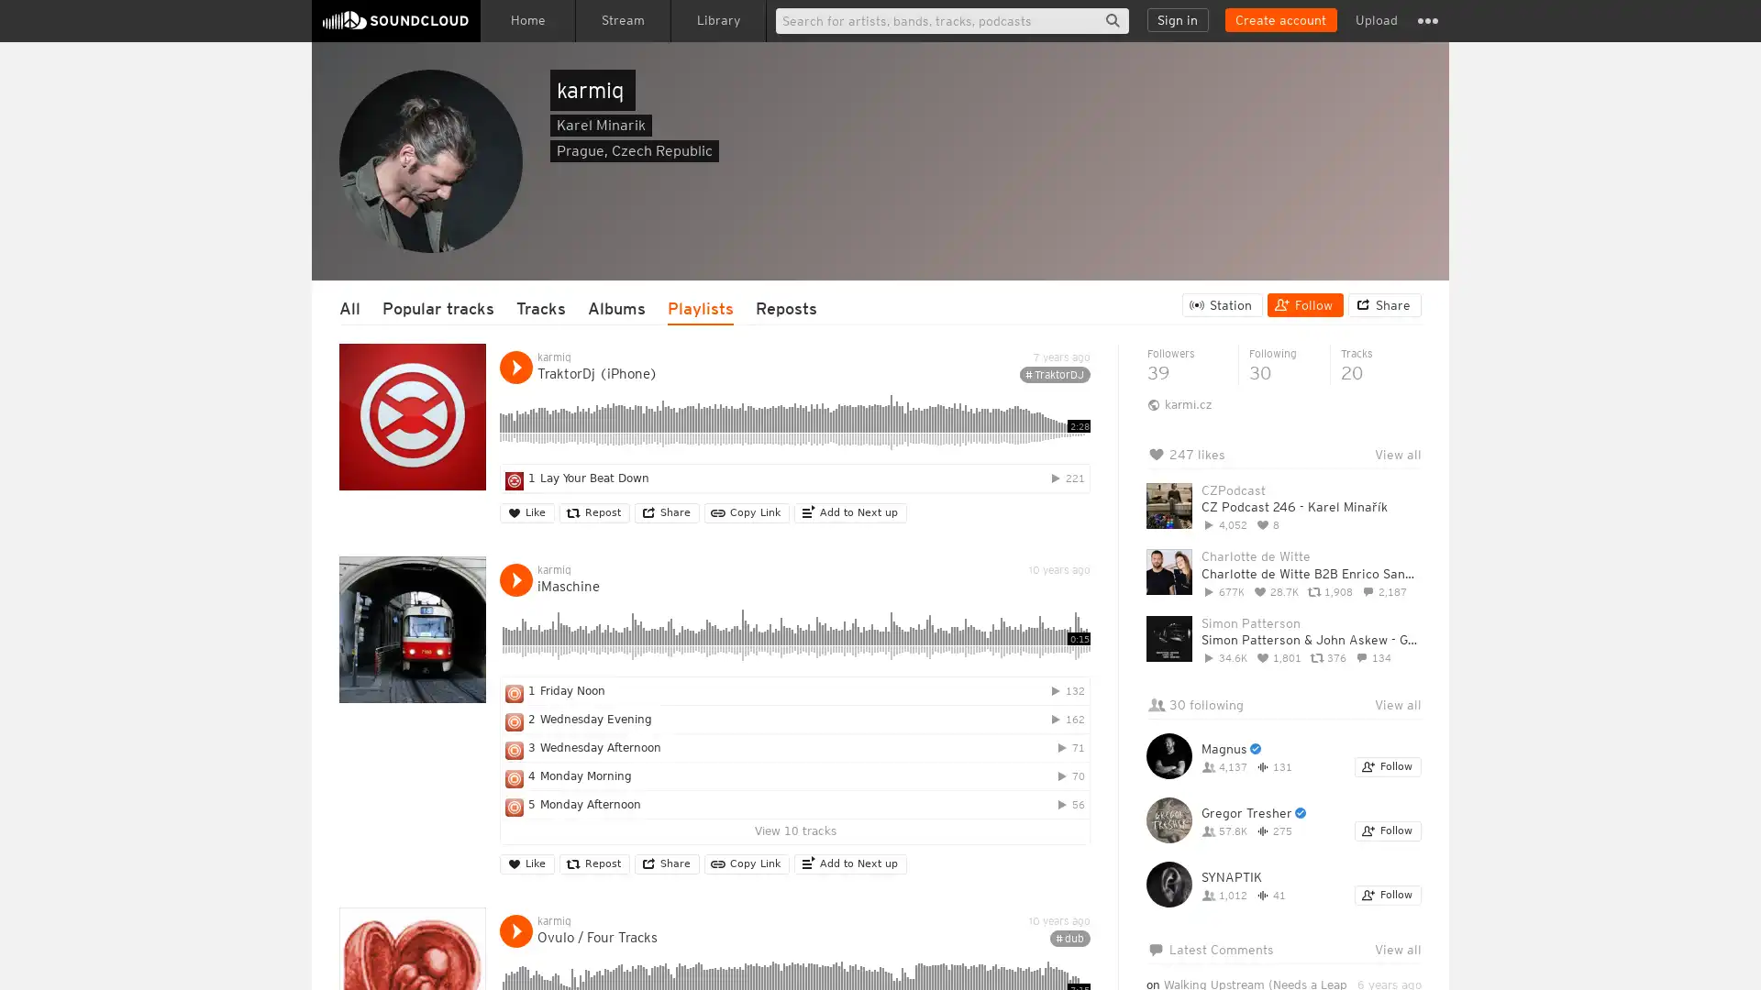 This screenshot has width=1761, height=990. Describe the element at coordinates (747, 512) in the screenshot. I see `Copy Link` at that location.